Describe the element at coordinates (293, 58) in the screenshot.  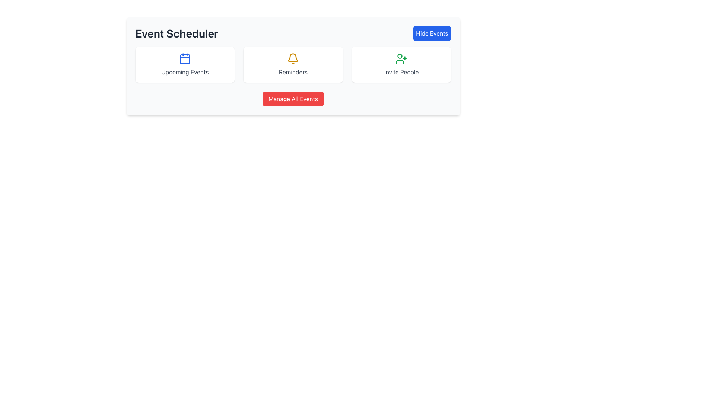
I see `the yellow bell icon that indicates alerts or reminders, located above the 'Reminders' label` at that location.